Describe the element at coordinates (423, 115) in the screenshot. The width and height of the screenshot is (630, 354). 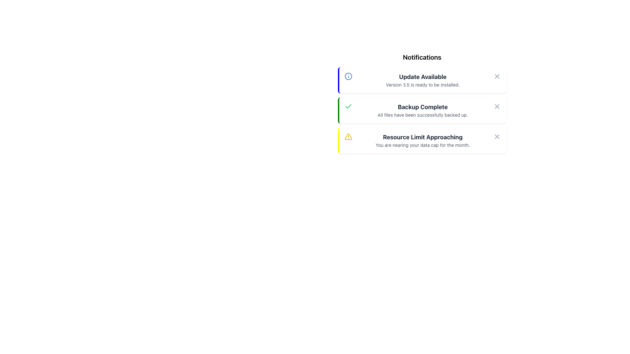
I see `the status message element that provides additional context for the 'Backup Complete' notification, located just below the title text in the notification card` at that location.